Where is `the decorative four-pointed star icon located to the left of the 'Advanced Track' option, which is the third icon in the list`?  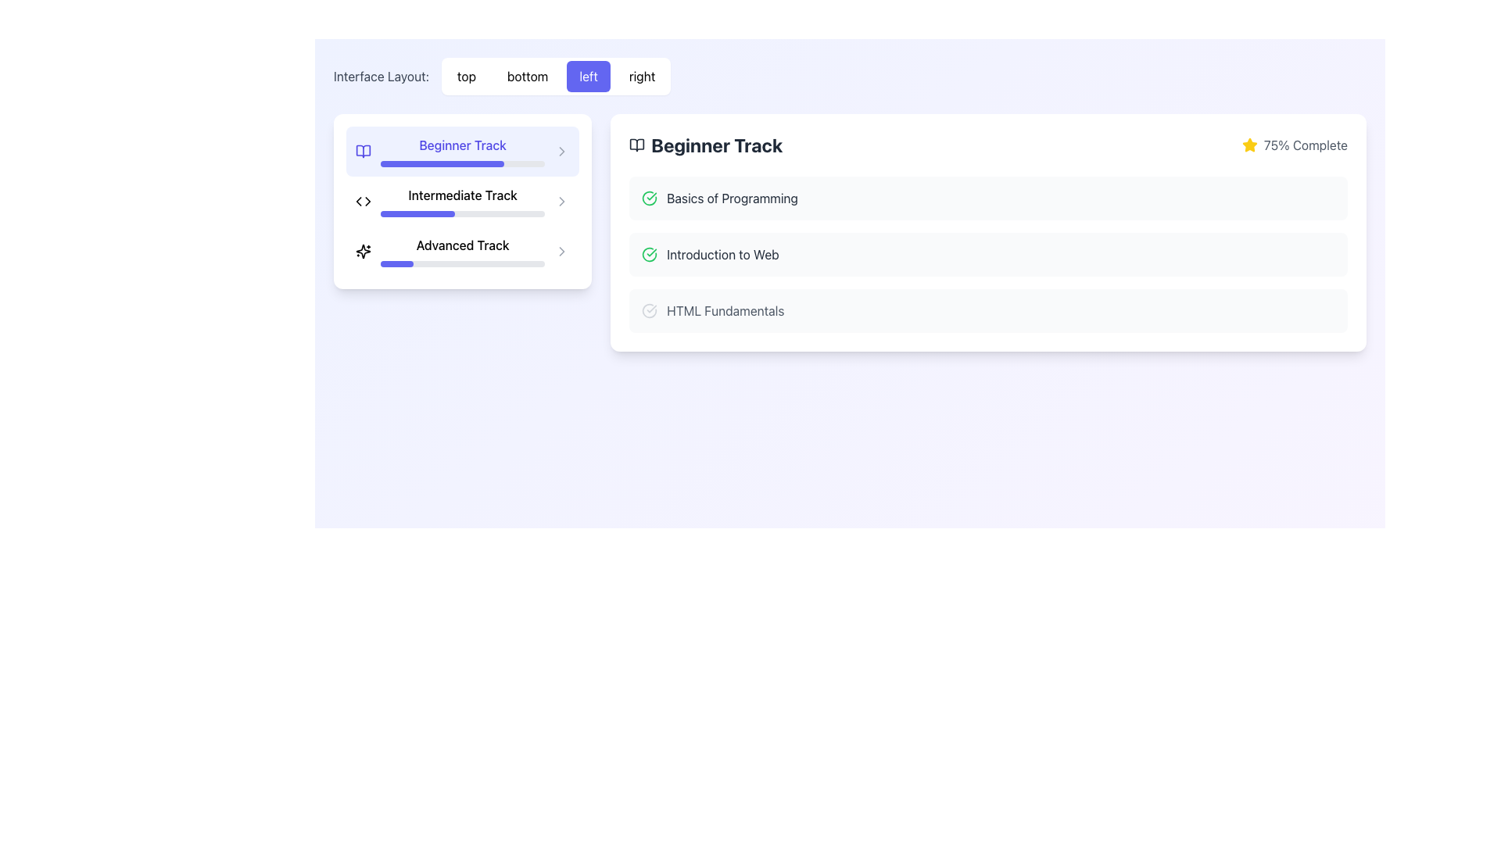 the decorative four-pointed star icon located to the left of the 'Advanced Track' option, which is the third icon in the list is located at coordinates (363, 250).